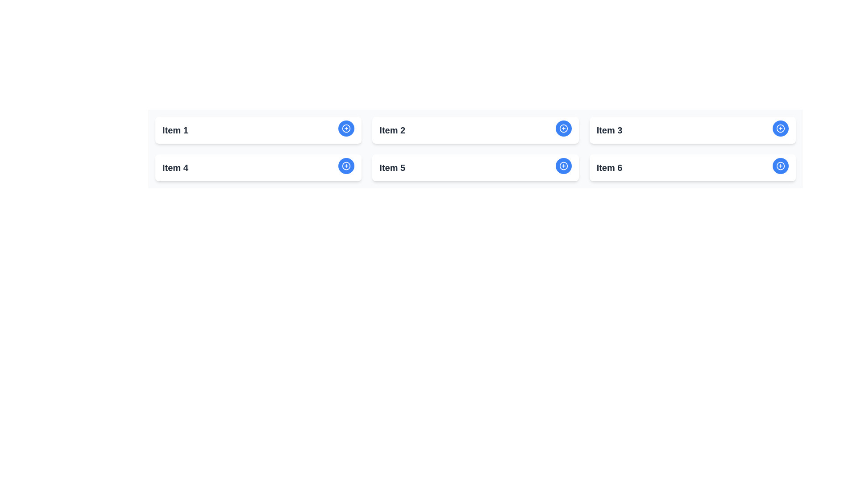 This screenshot has height=482, width=857. Describe the element at coordinates (563, 166) in the screenshot. I see `the blue circular icon button on the right side of Item 5` at that location.